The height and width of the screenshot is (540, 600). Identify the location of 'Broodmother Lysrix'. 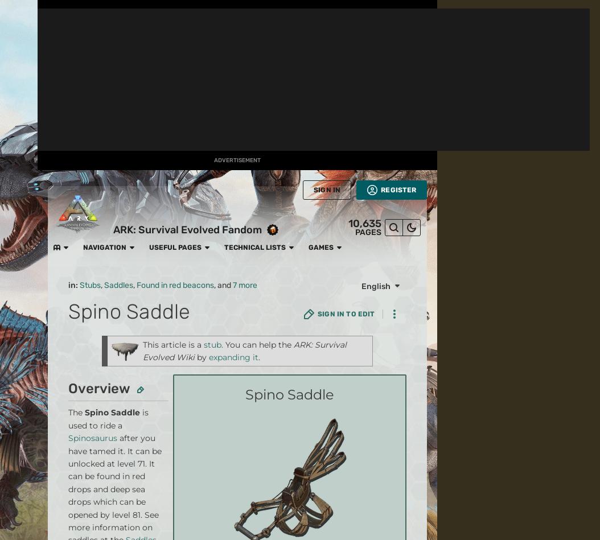
(141, 190).